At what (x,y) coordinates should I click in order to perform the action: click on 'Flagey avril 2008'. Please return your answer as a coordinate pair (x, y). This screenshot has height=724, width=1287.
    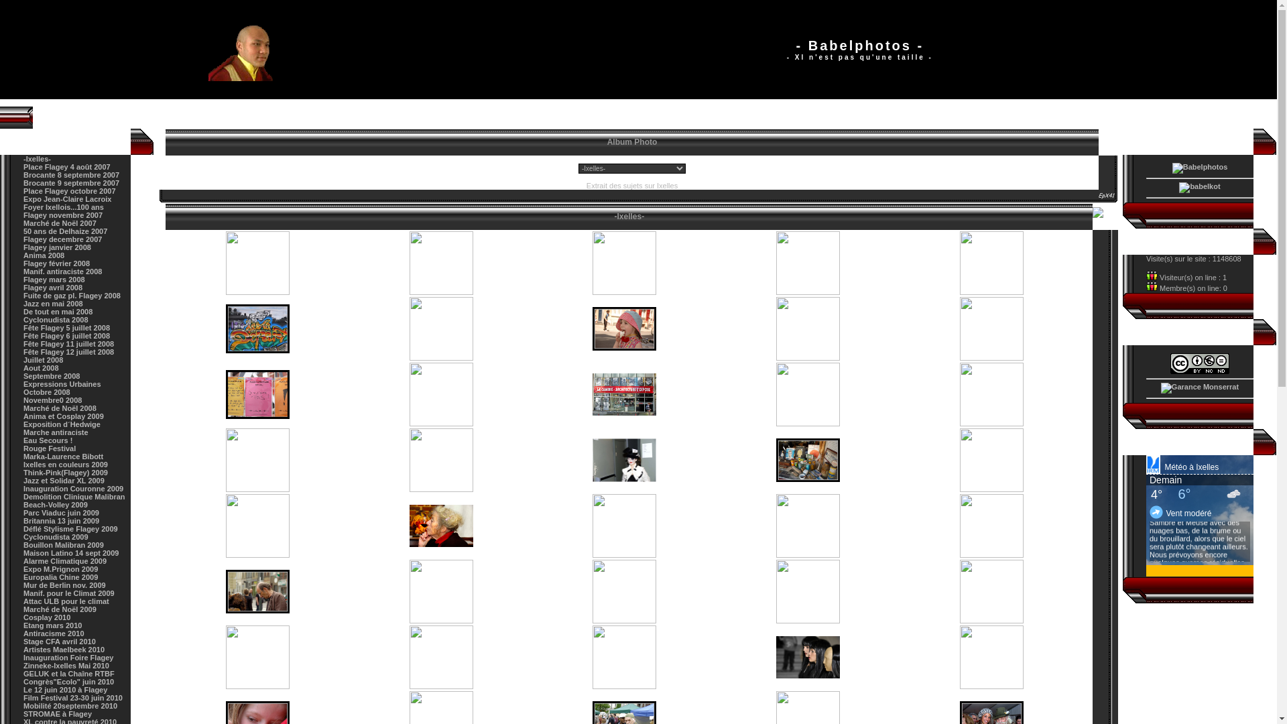
    Looking at the image, I should click on (52, 286).